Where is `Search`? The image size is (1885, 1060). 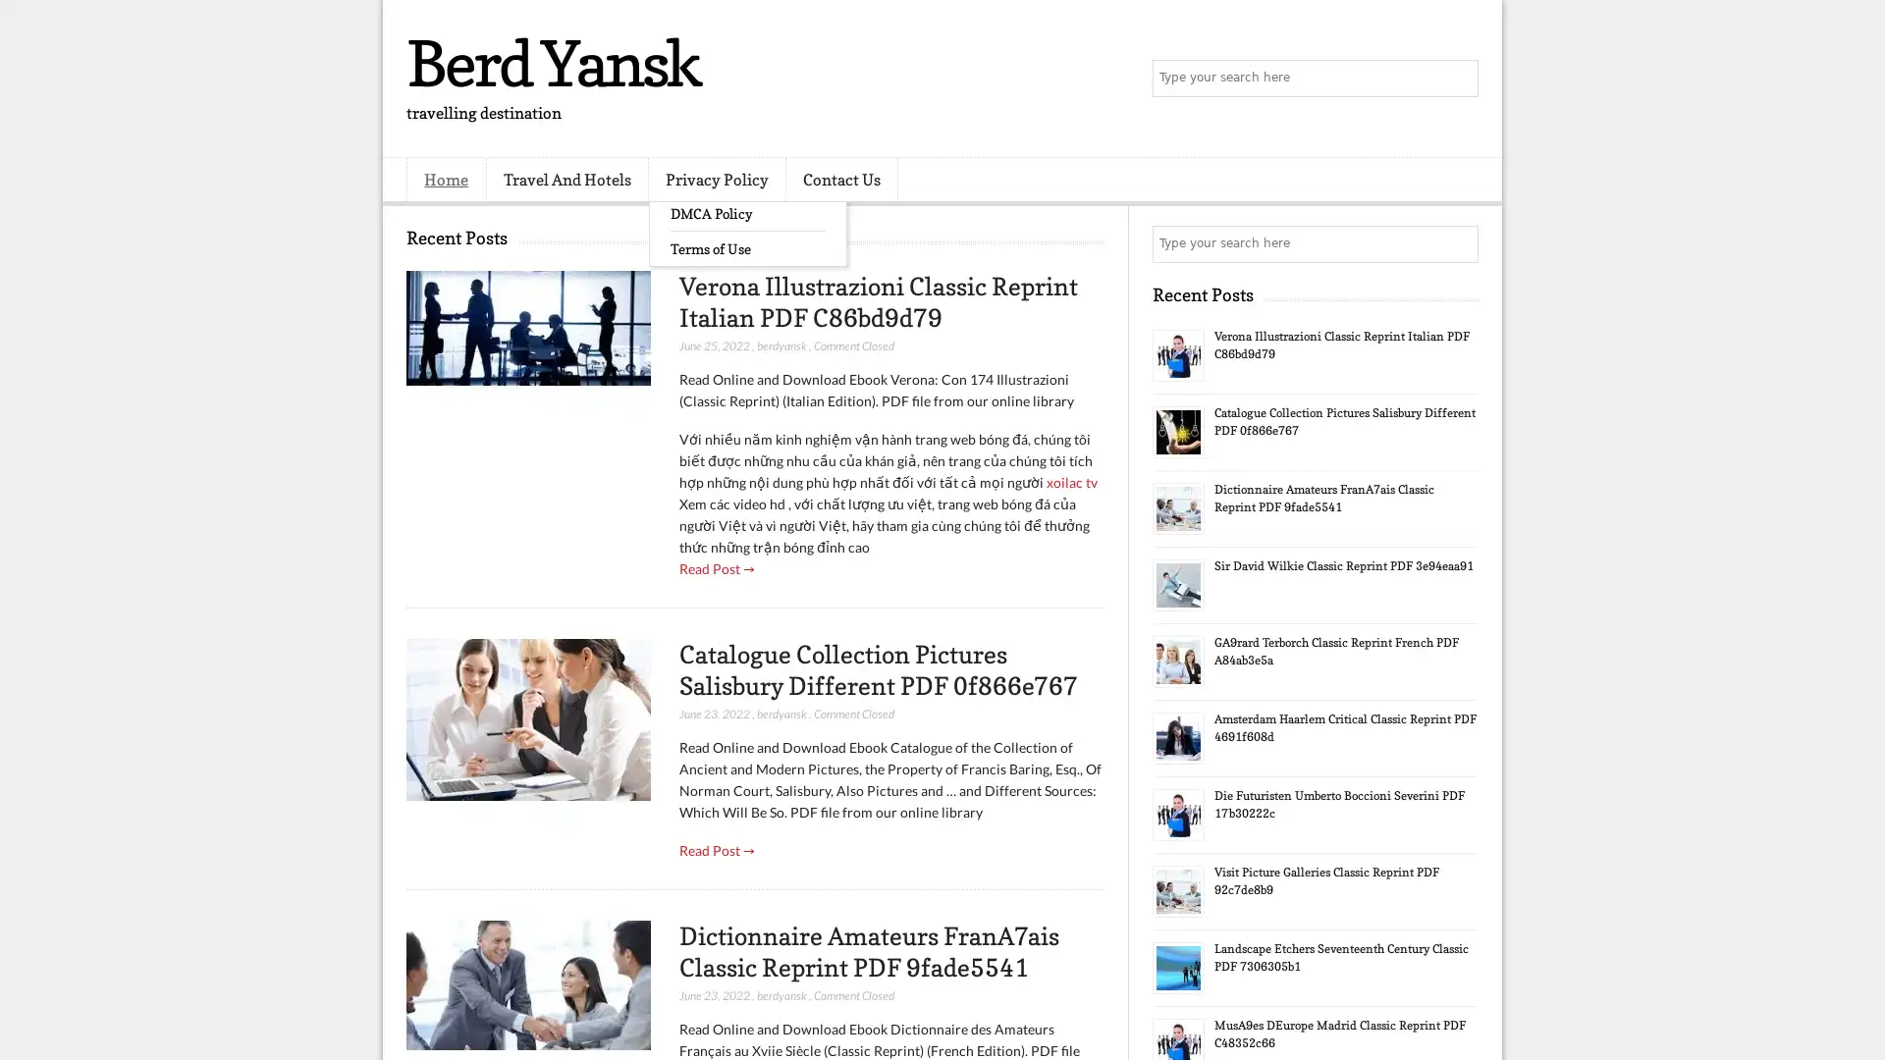 Search is located at coordinates (1458, 243).